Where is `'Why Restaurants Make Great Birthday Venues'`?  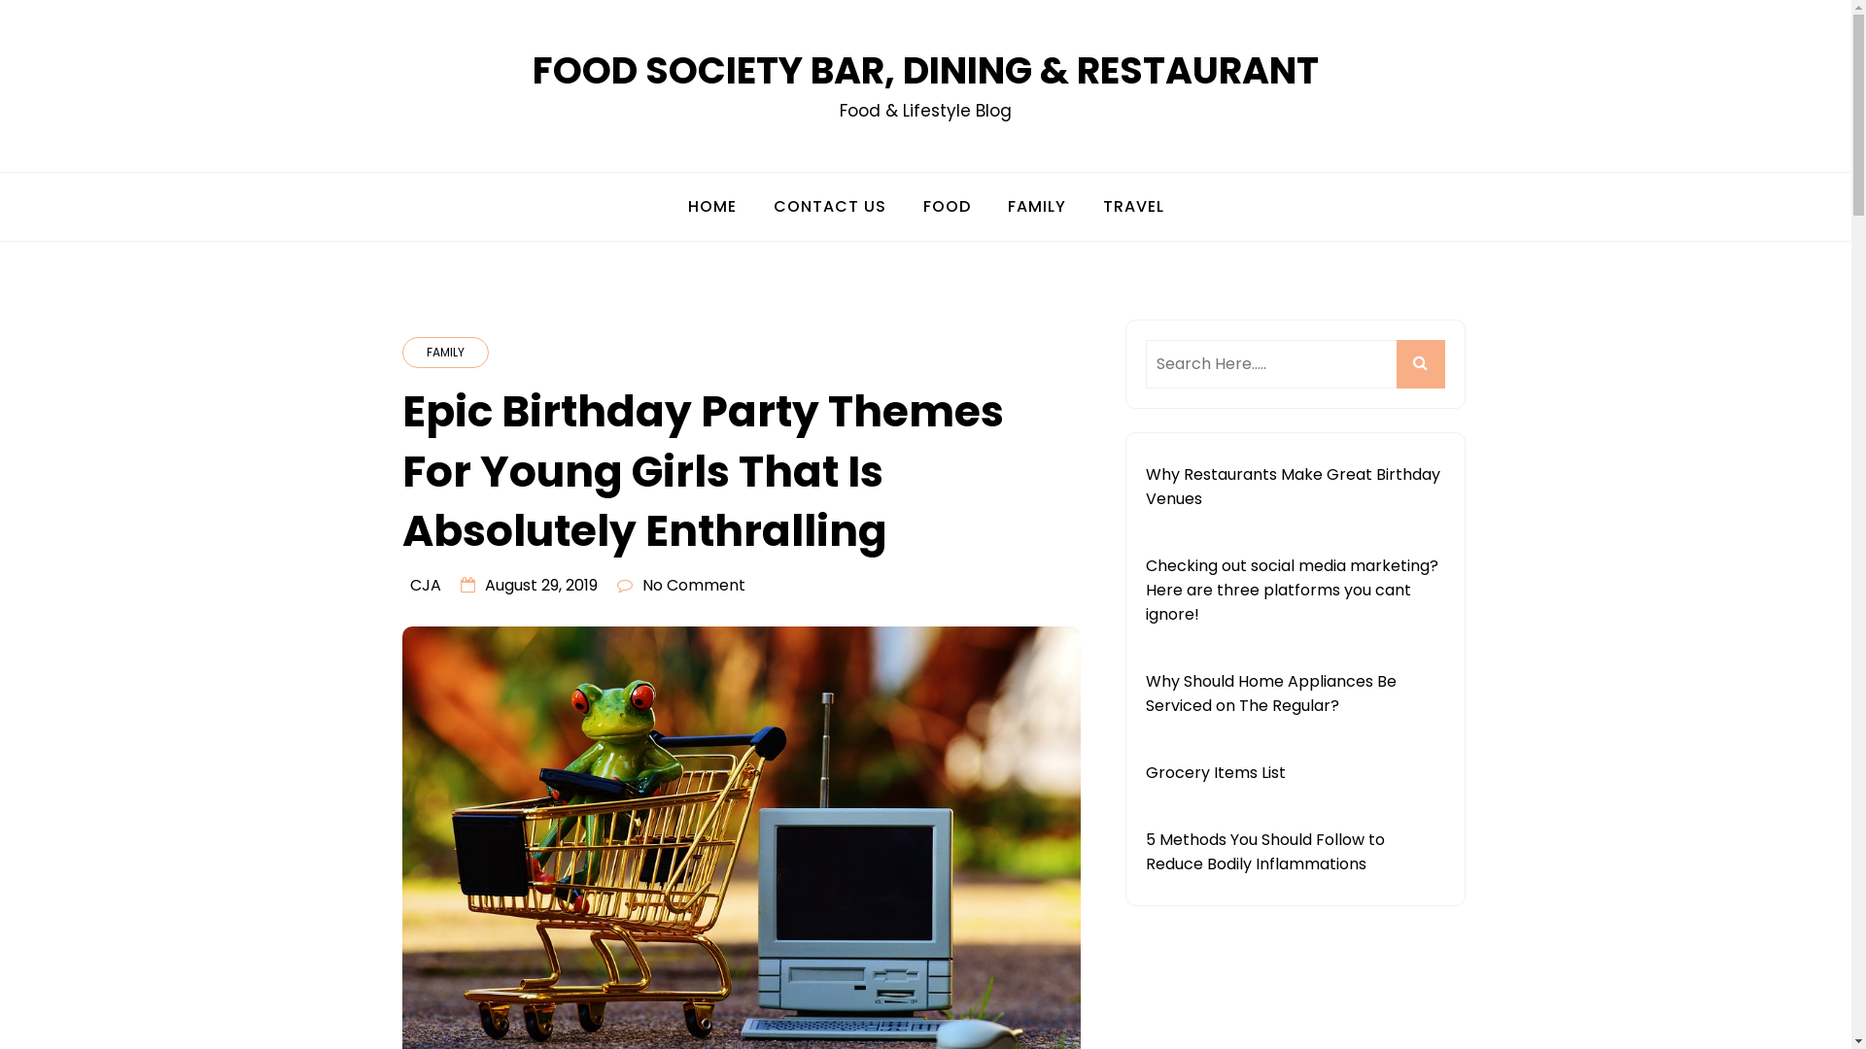 'Why Restaurants Make Great Birthday Venues' is located at coordinates (1292, 486).